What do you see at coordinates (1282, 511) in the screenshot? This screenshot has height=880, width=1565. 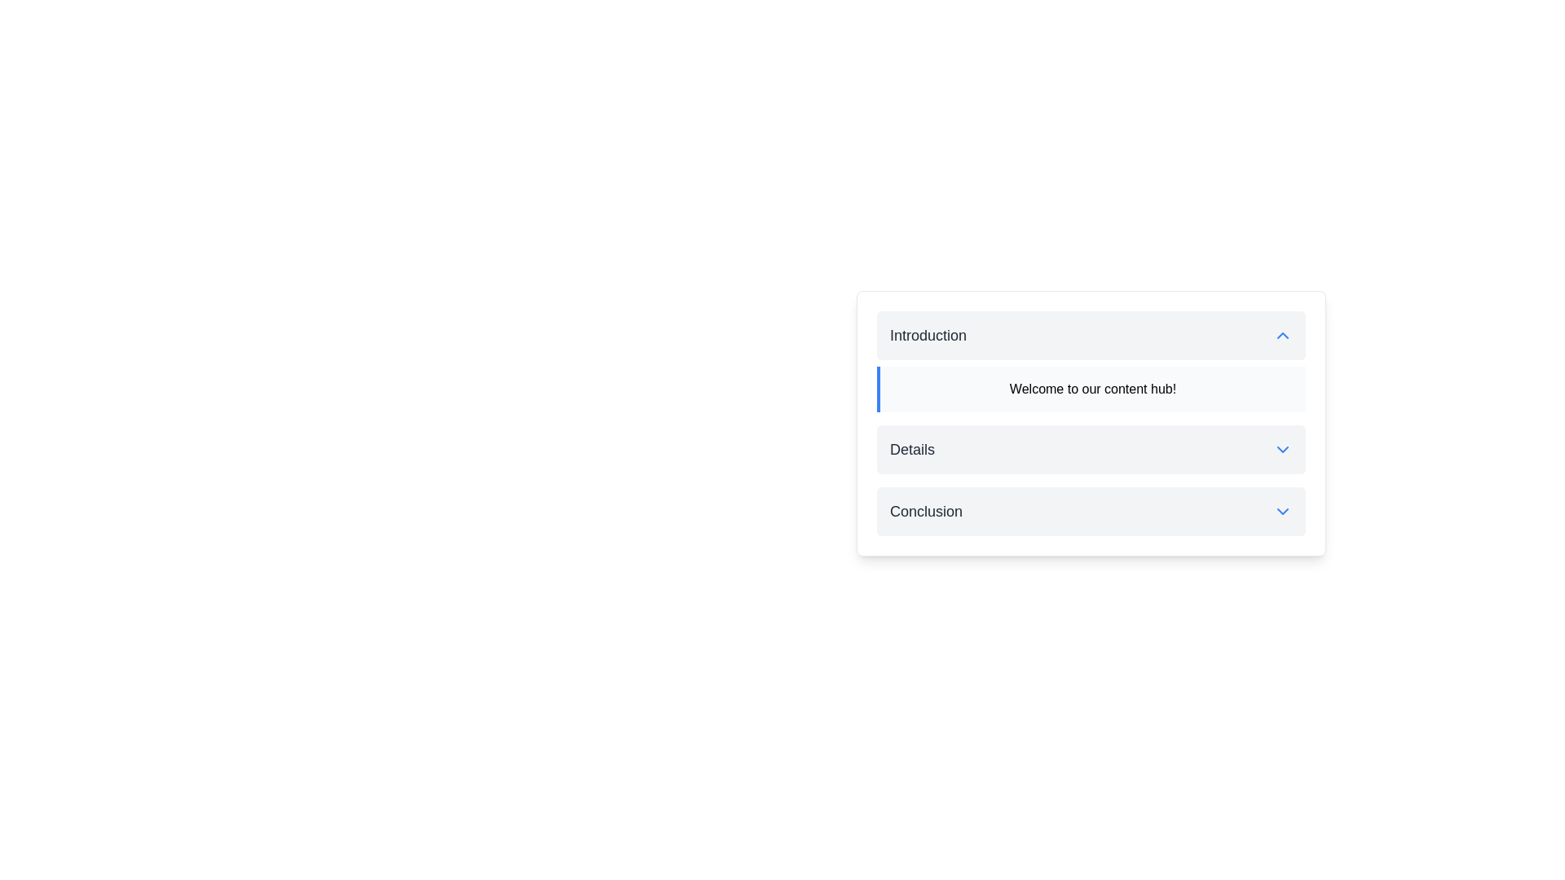 I see `the blue chevron-down icon located to the far-right of the 'Conclusion' section` at bounding box center [1282, 511].